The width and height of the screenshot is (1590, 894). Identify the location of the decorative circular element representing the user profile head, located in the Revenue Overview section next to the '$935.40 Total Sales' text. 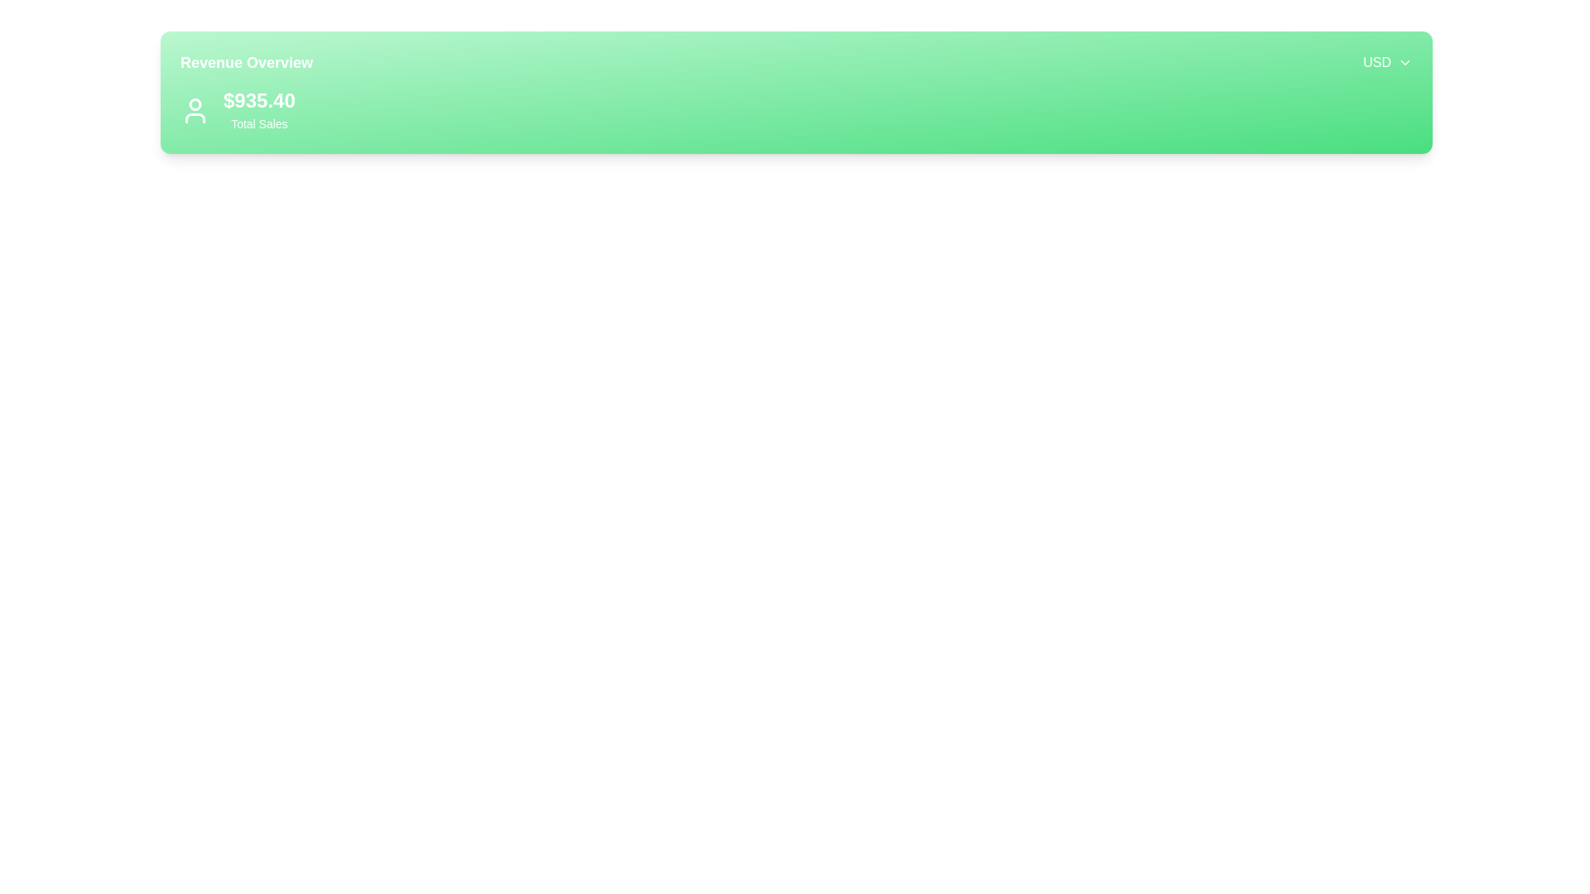
(195, 104).